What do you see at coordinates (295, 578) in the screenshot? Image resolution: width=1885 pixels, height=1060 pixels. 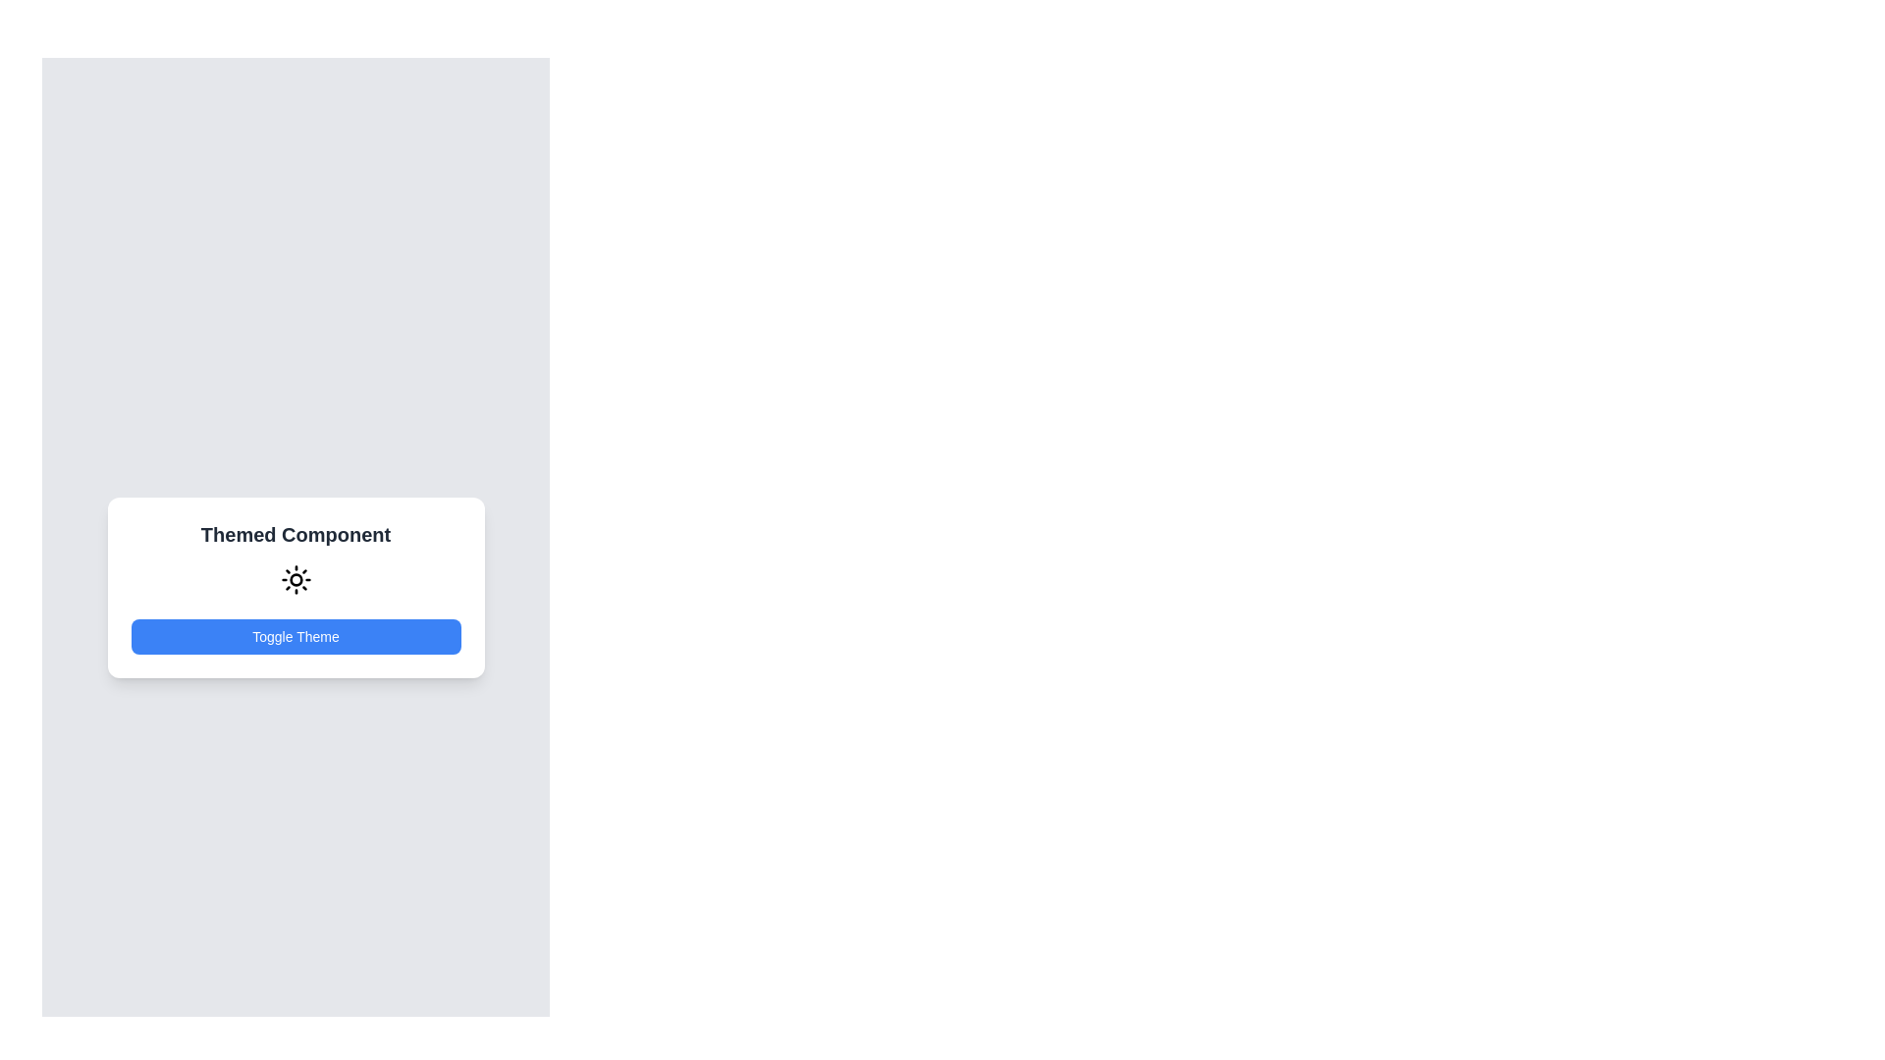 I see `the sun icon with radiating lines for visual feedback, positioned centrally below the 'Themed Component' text and above the 'Toggle Theme' button` at bounding box center [295, 578].